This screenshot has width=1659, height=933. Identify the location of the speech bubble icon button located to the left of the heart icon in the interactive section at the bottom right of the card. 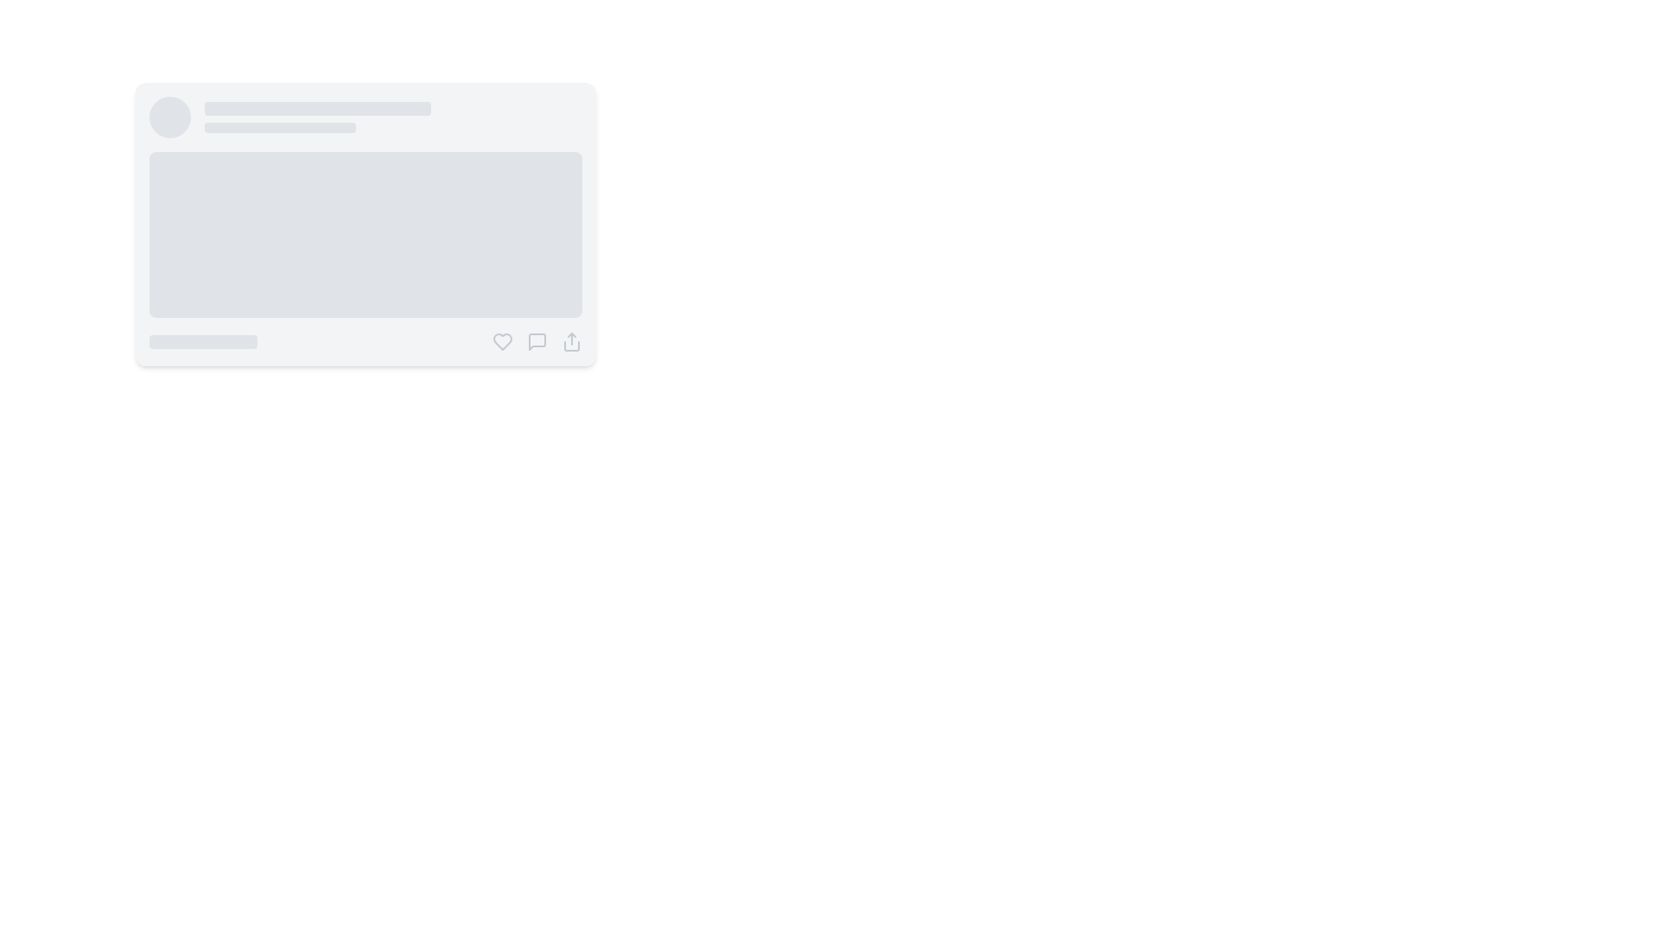
(537, 342).